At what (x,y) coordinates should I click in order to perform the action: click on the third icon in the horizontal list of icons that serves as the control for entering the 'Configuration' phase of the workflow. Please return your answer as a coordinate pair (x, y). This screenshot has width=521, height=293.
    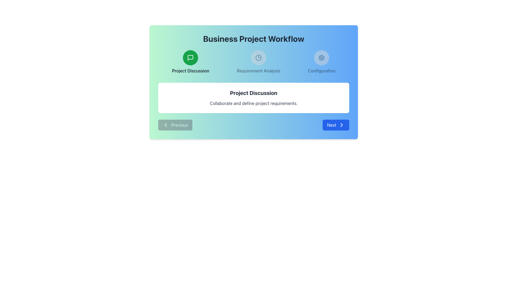
    Looking at the image, I should click on (322, 58).